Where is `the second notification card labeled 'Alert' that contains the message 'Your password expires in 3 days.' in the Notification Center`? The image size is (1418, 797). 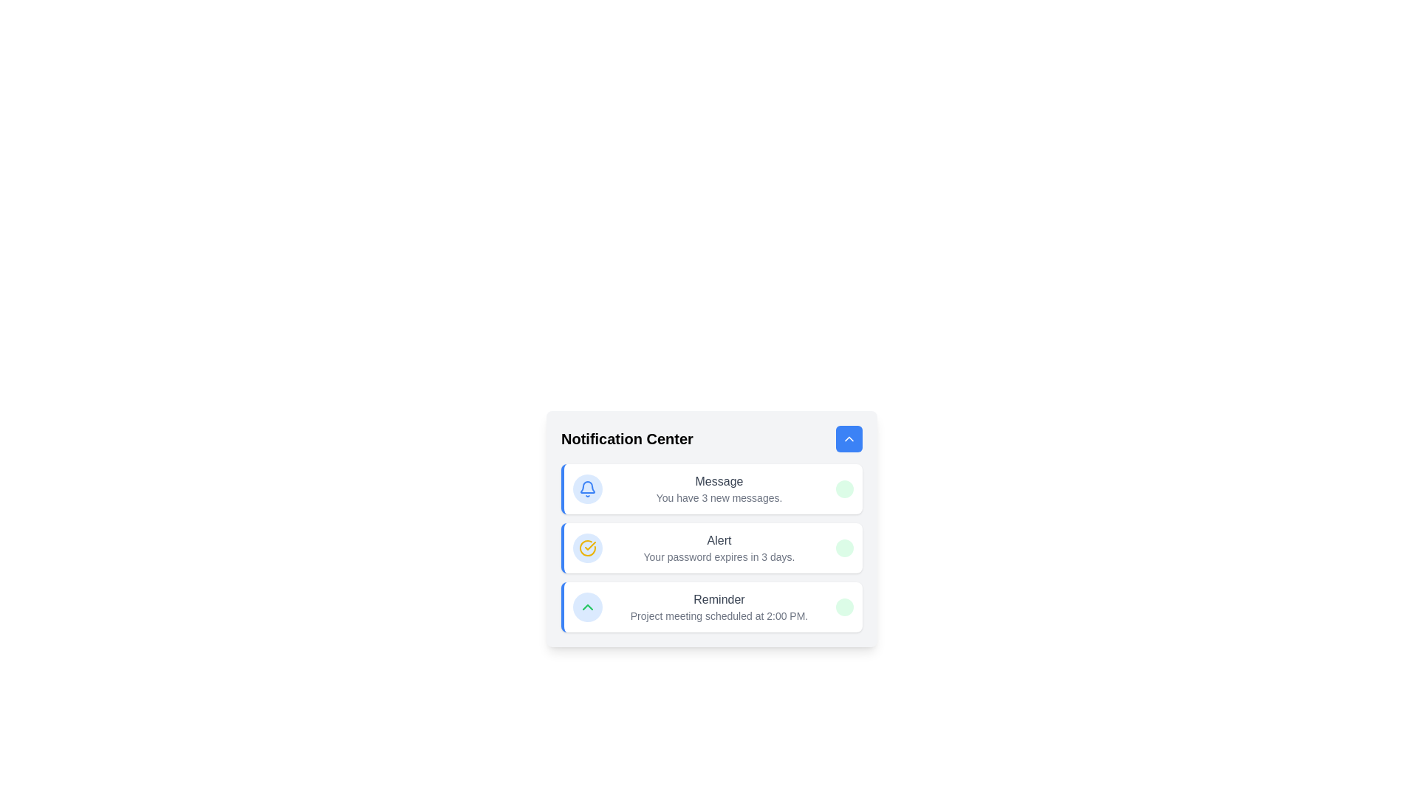
the second notification card labeled 'Alert' that contains the message 'Your password expires in 3 days.' in the Notification Center is located at coordinates (712, 548).